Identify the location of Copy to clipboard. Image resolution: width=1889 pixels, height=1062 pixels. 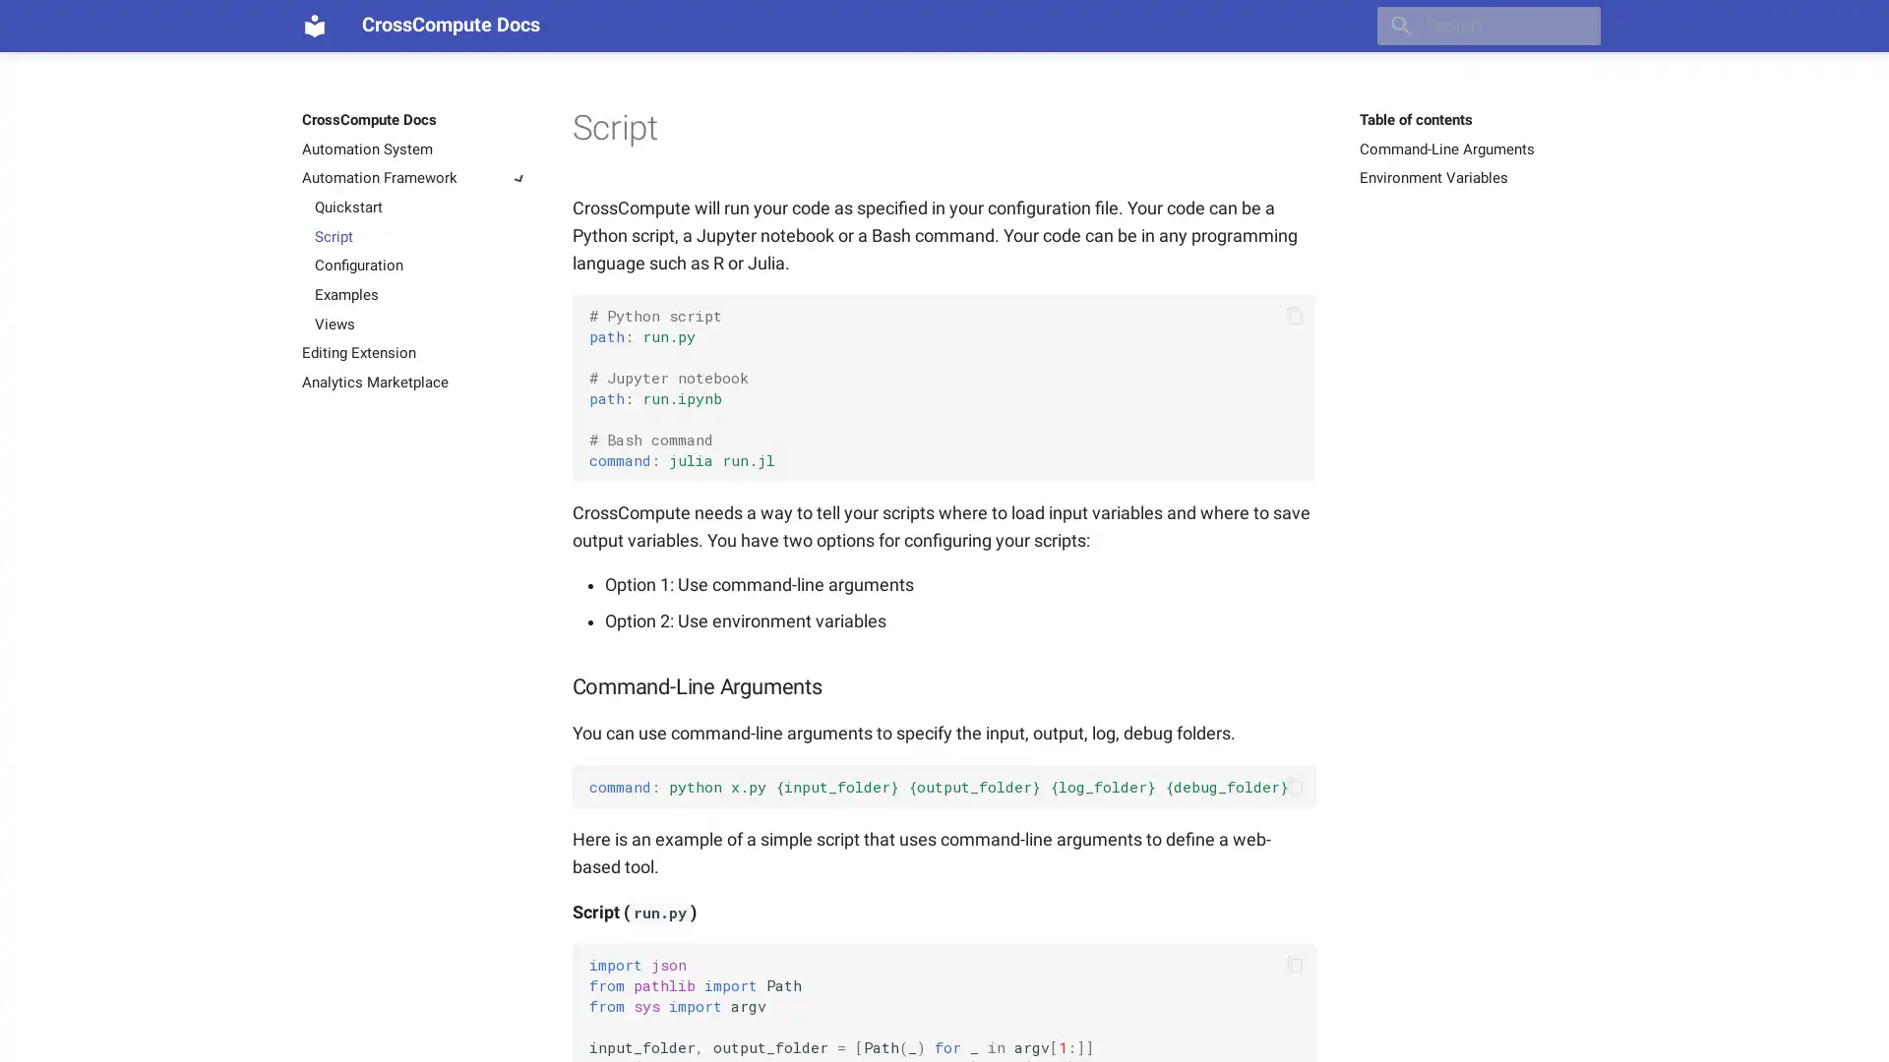
(1294, 963).